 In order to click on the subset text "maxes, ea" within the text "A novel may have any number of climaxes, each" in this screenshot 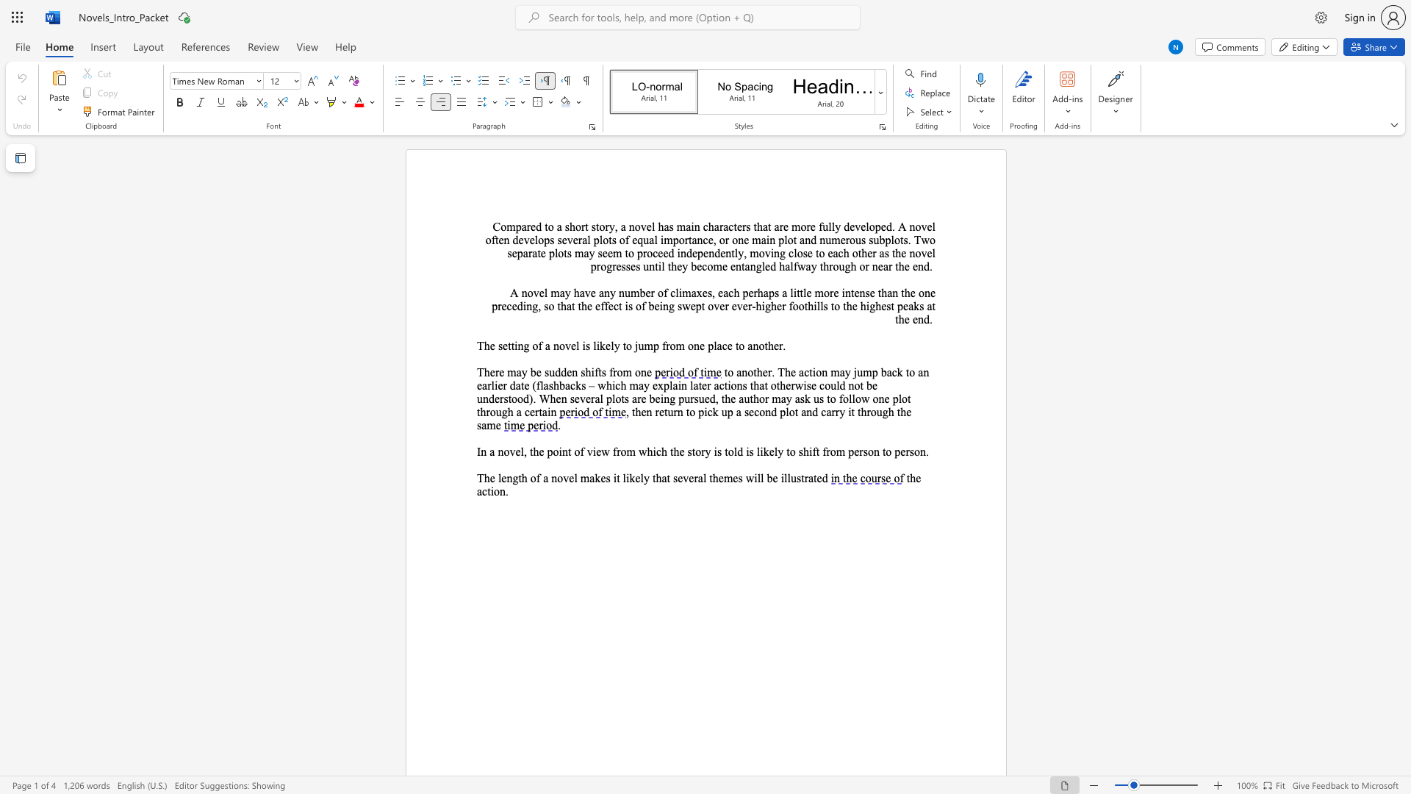, I will do `click(681, 293)`.